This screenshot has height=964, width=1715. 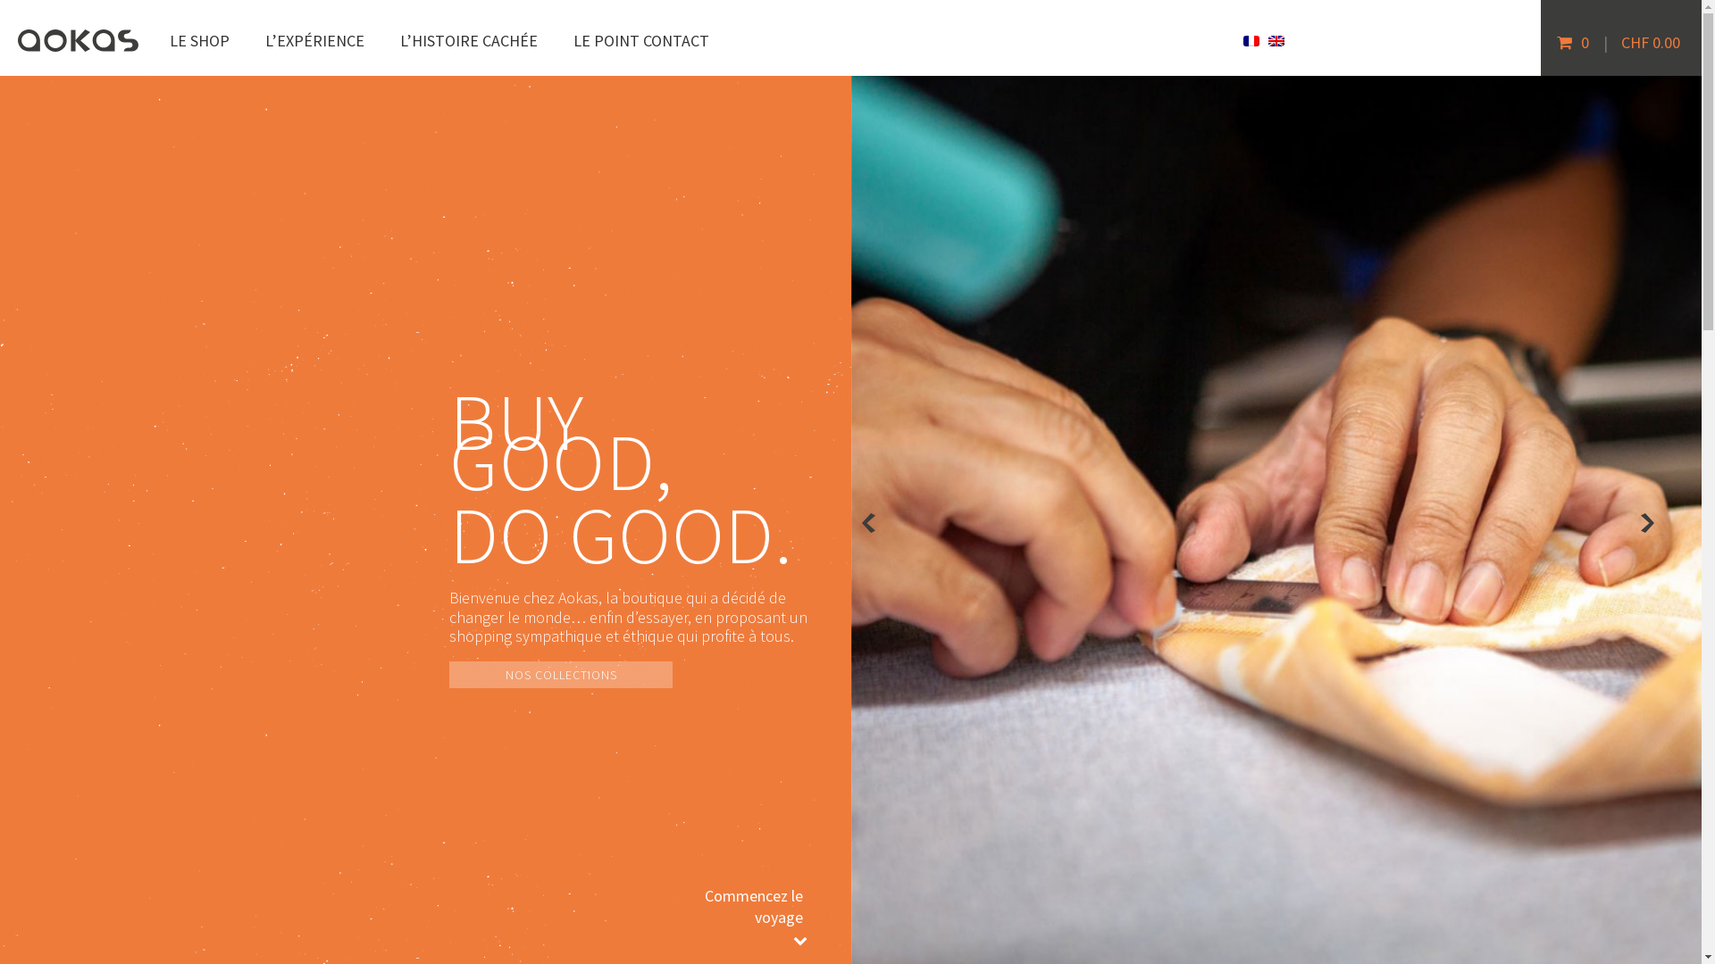 What do you see at coordinates (199, 40) in the screenshot?
I see `'LE SHOP'` at bounding box center [199, 40].